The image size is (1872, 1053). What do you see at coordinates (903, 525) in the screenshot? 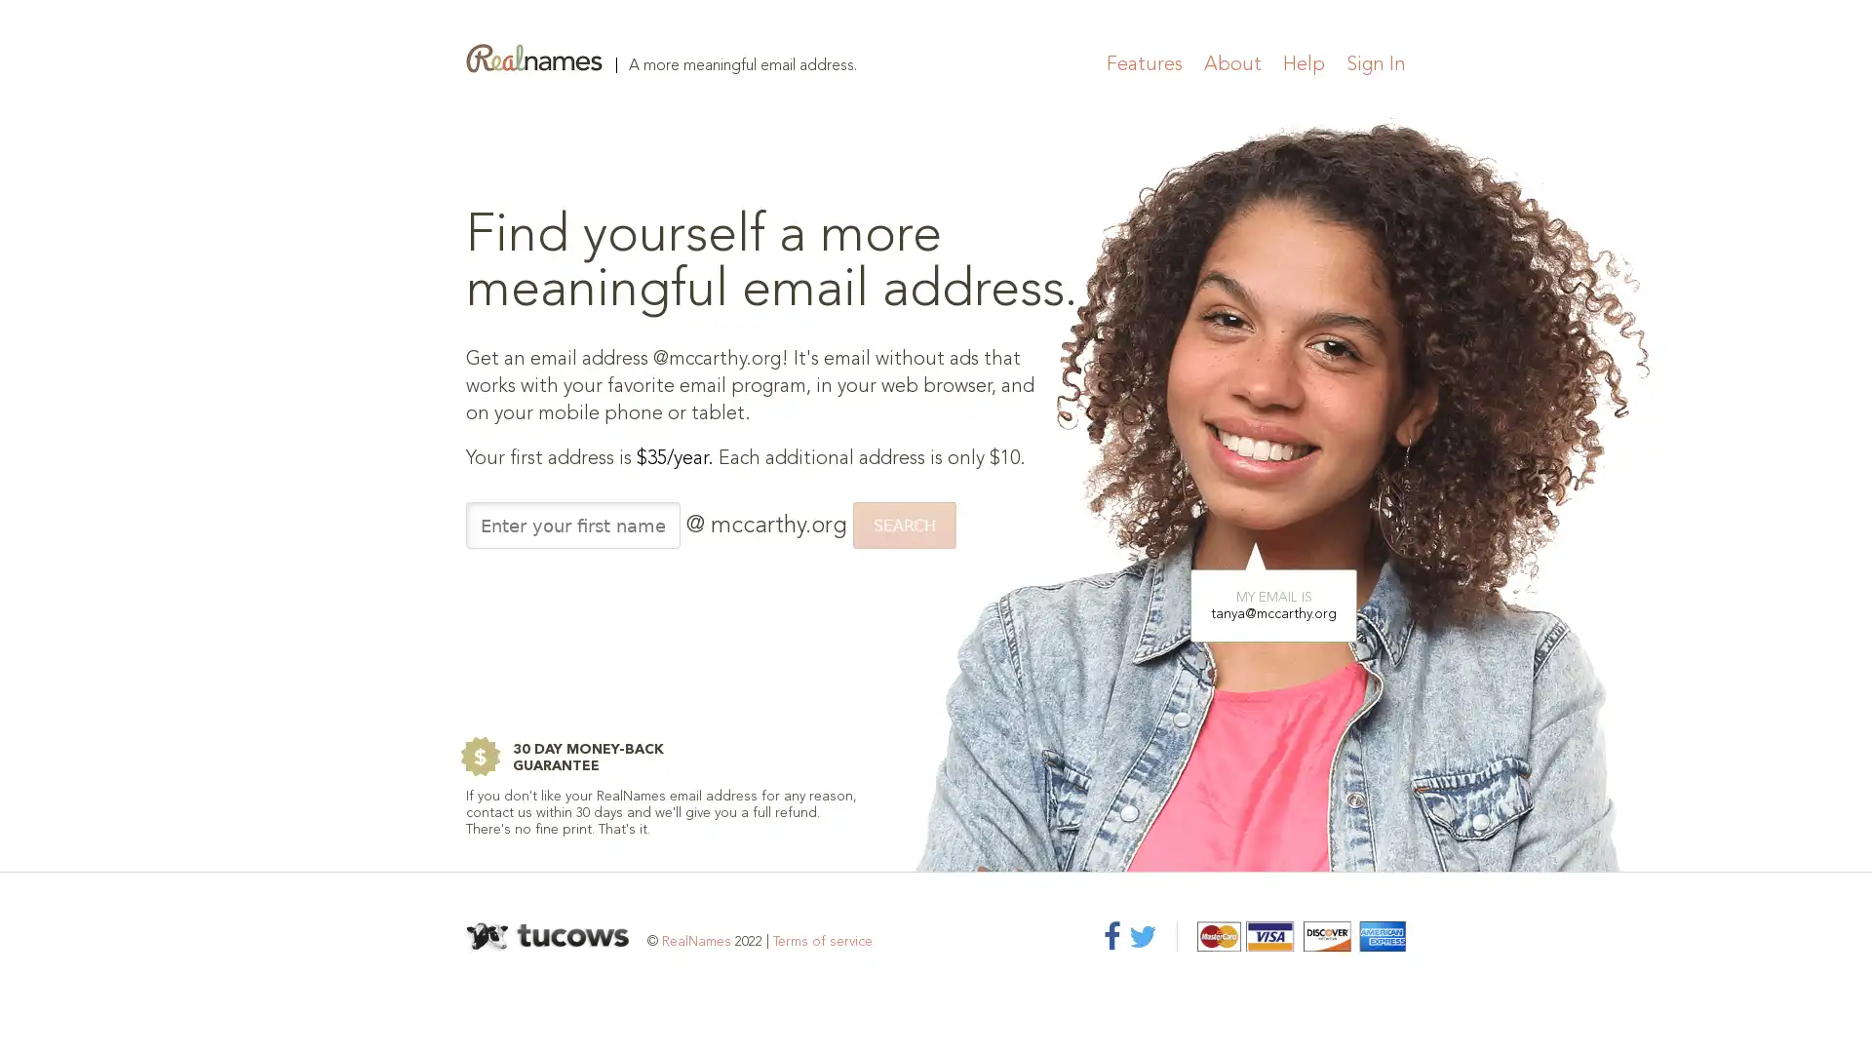
I see `SEARCH` at bounding box center [903, 525].